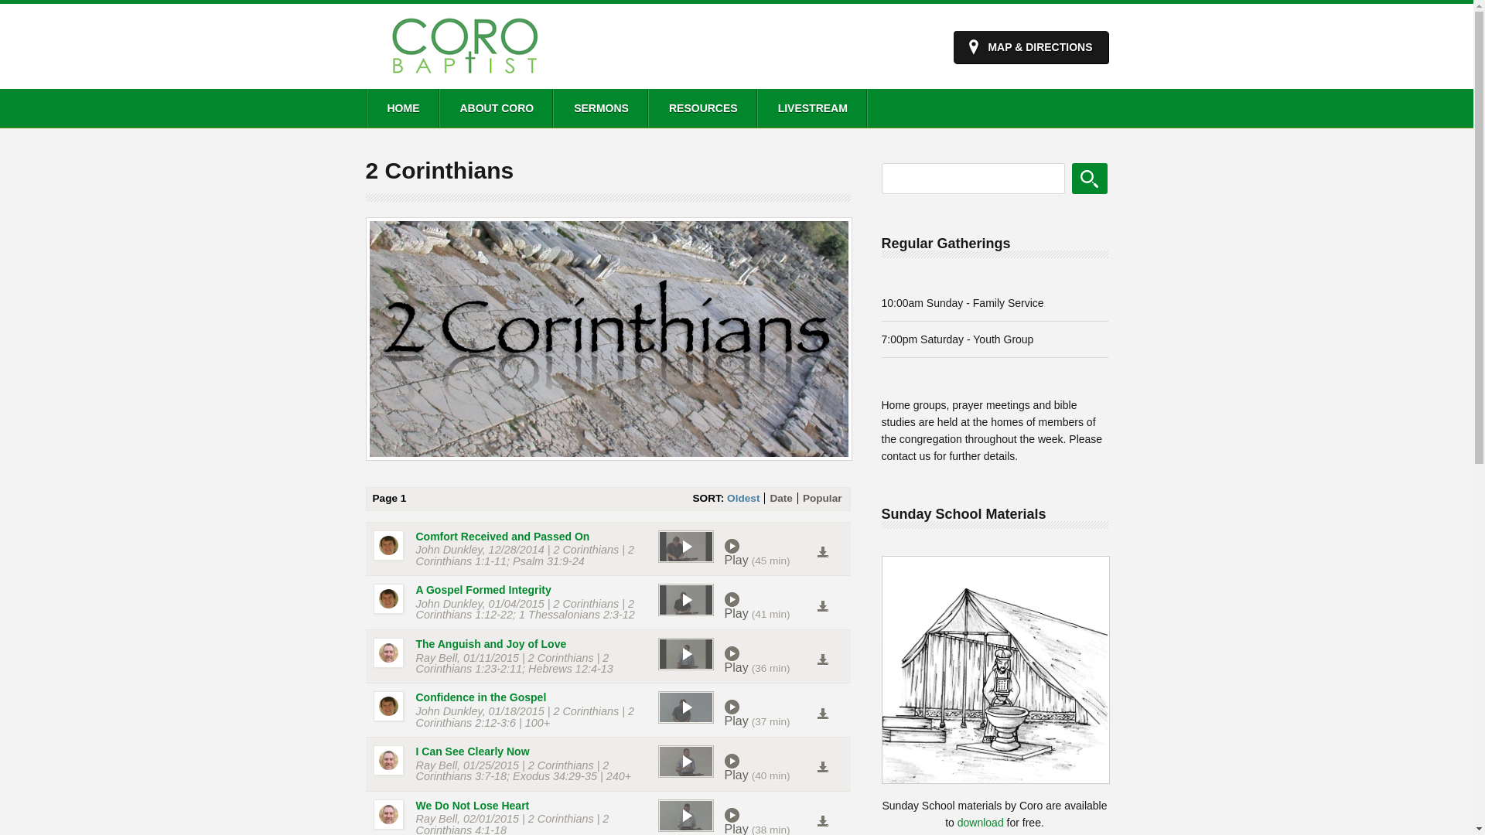 This screenshot has height=835, width=1485. I want to click on 'Date', so click(780, 498).